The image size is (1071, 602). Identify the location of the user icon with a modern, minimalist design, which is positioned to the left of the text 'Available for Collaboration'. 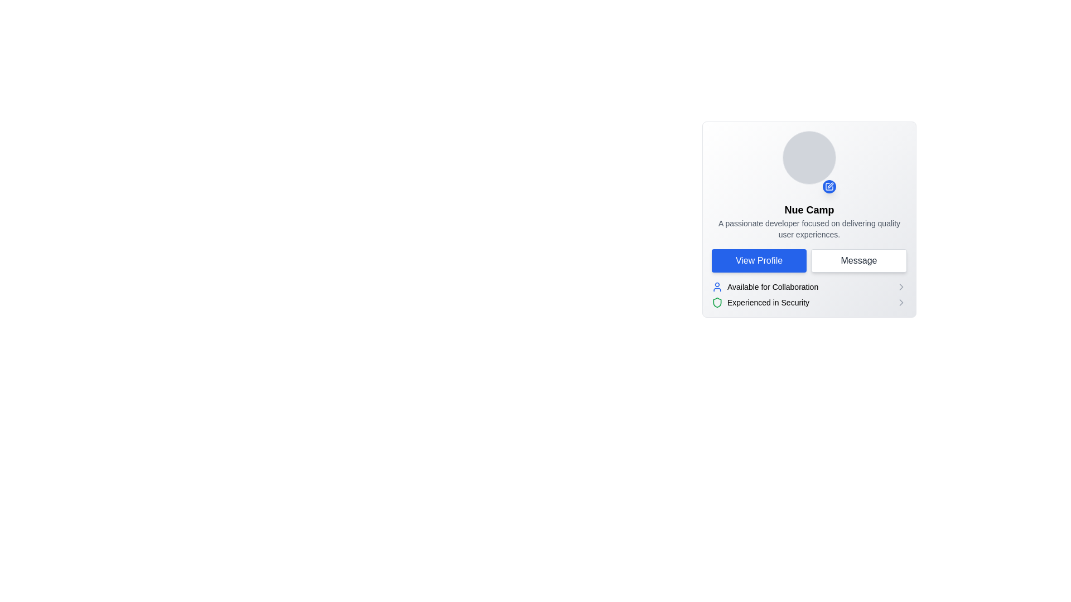
(717, 287).